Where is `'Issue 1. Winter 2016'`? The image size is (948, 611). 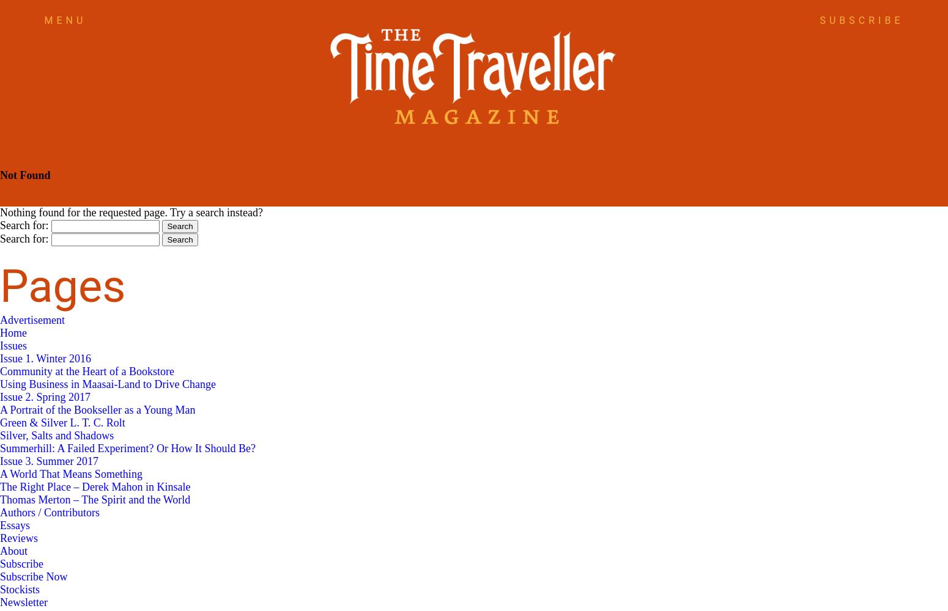 'Issue 1. Winter 2016' is located at coordinates (0, 358).